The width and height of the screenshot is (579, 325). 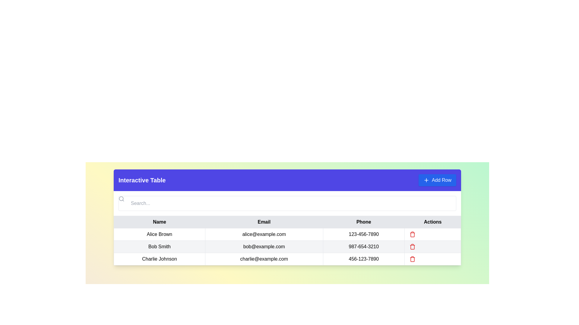 What do you see at coordinates (159, 247) in the screenshot?
I see `the text area displaying the name 'Bob Smith', which is styled with centered alignment and bordered edges, located in the second row under the 'Name' column of the table` at bounding box center [159, 247].